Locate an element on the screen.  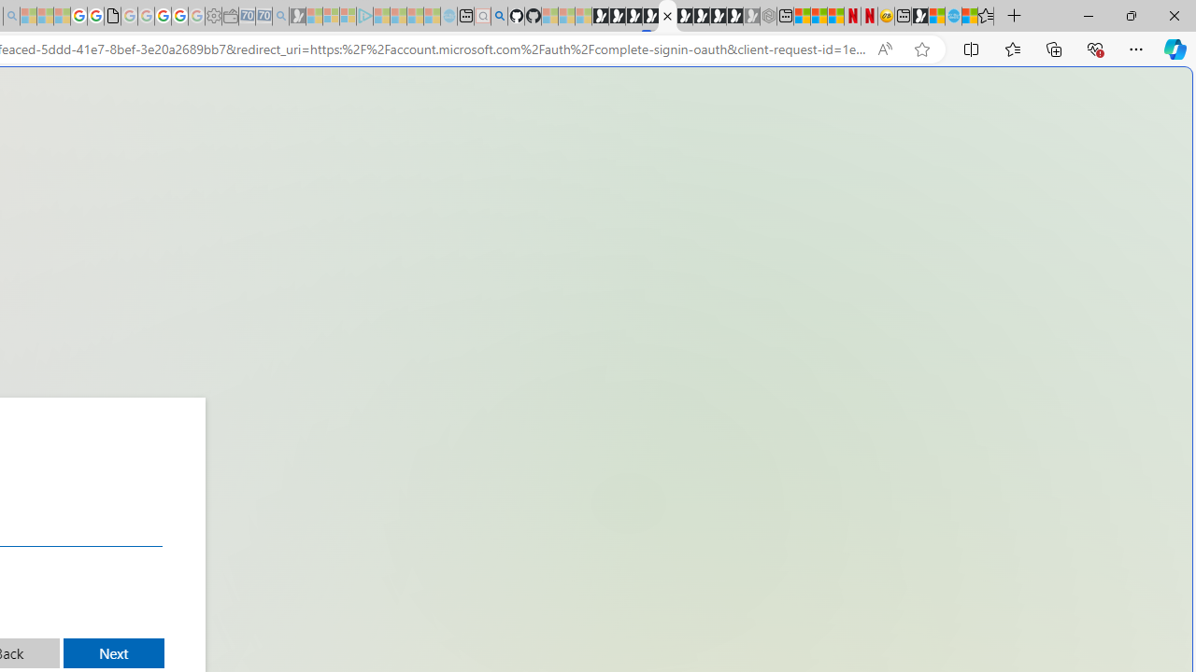
'Next' is located at coordinates (113, 652).